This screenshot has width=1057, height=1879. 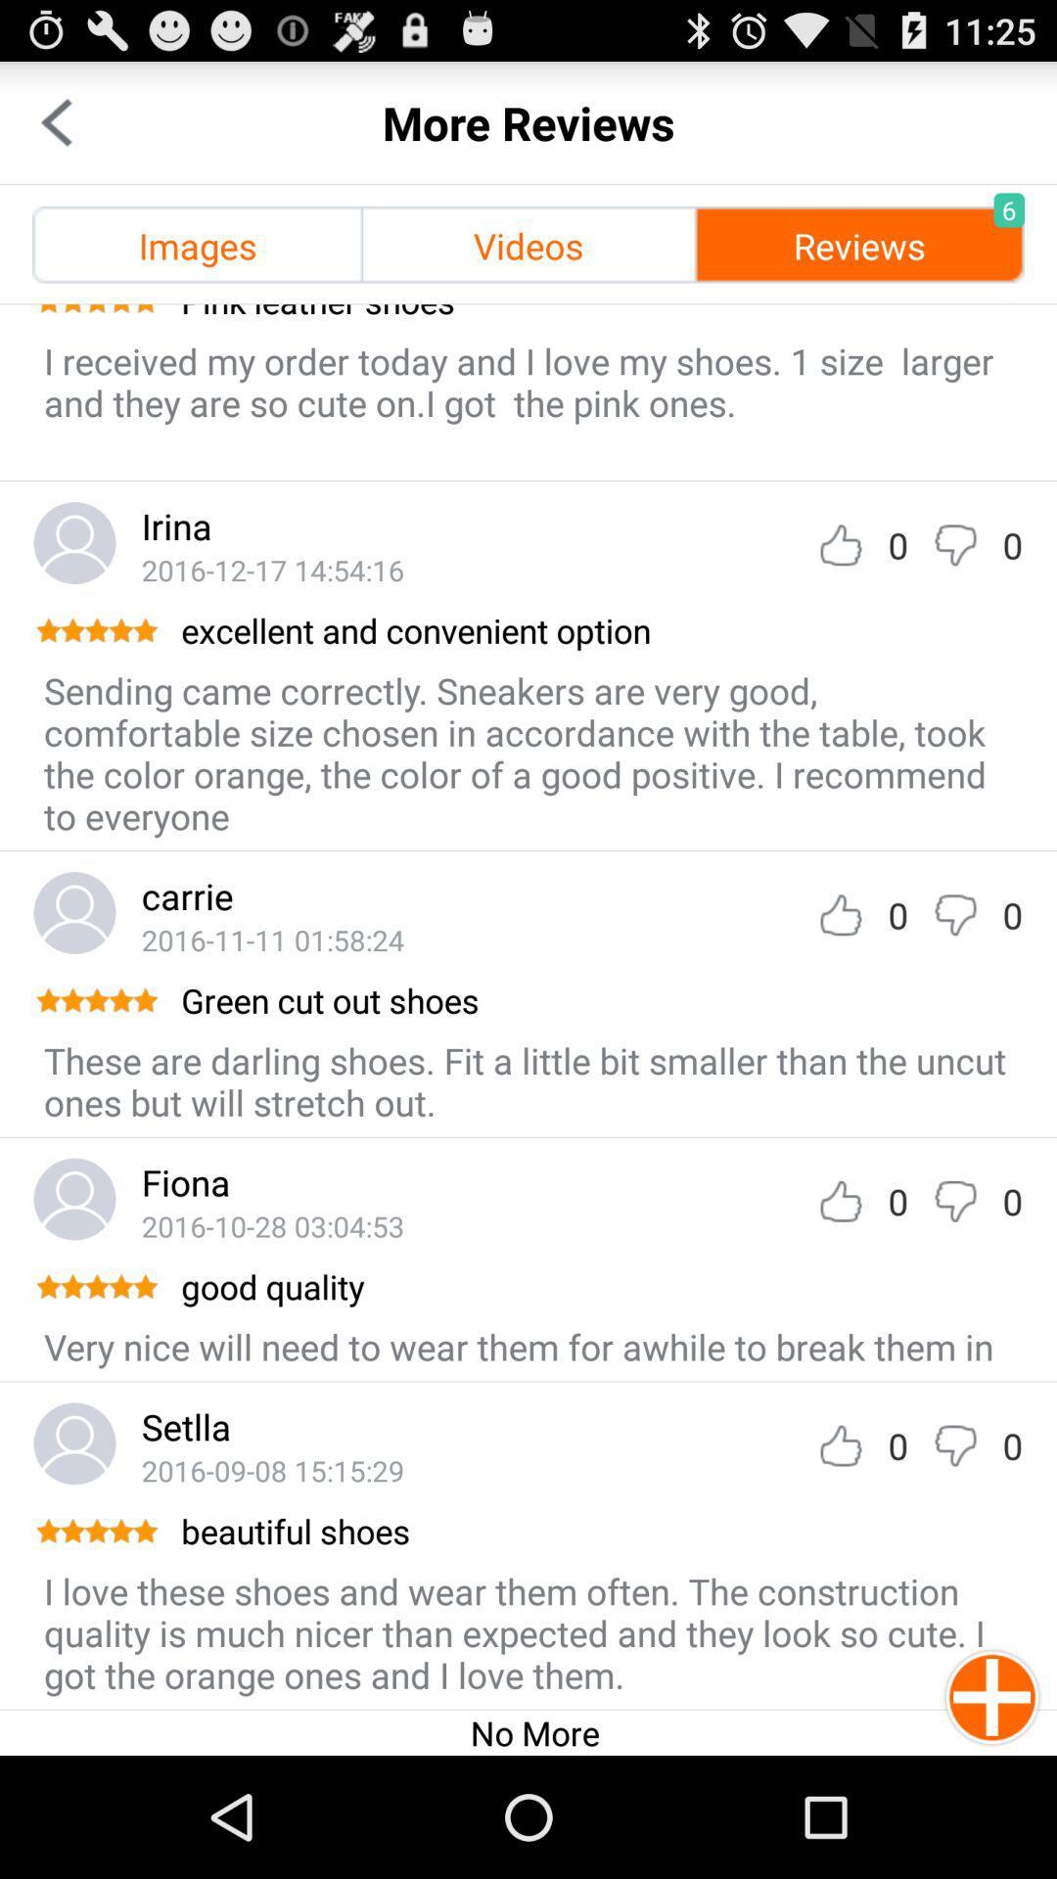 I want to click on give review a thumbs down, so click(x=954, y=545).